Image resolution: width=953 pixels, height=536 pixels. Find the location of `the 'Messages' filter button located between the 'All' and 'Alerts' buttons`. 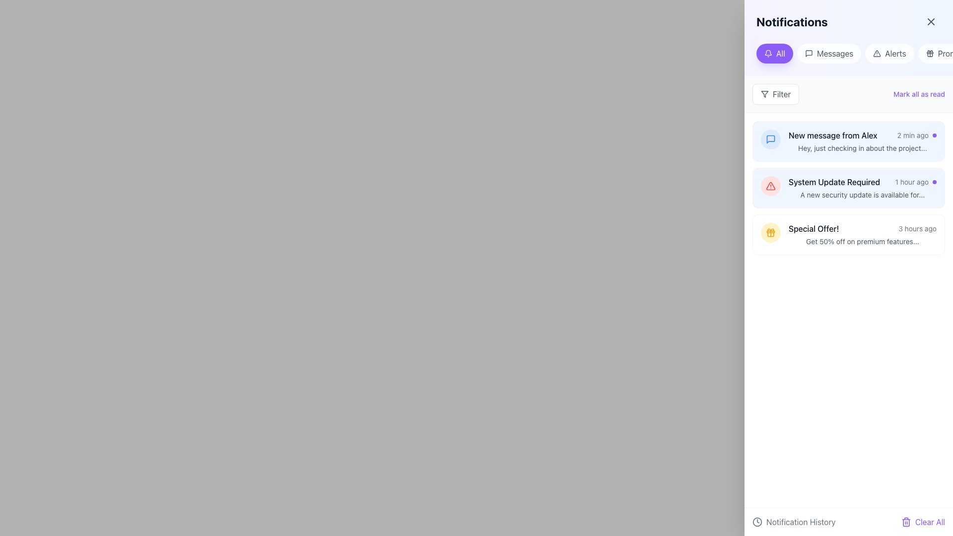

the 'Messages' filter button located between the 'All' and 'Alerts' buttons is located at coordinates (829, 54).